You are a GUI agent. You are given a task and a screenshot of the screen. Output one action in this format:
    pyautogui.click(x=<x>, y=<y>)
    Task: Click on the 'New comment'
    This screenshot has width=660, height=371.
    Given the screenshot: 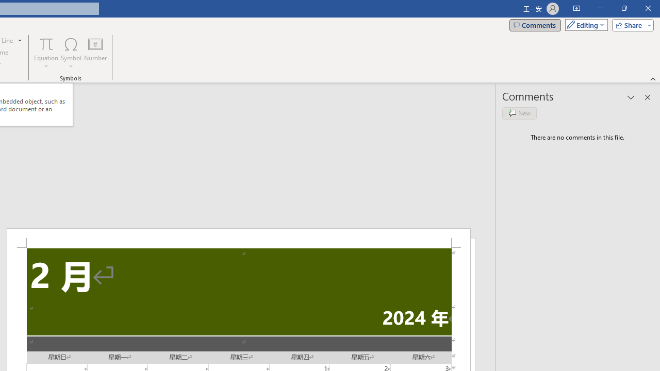 What is the action you would take?
    pyautogui.click(x=519, y=113)
    